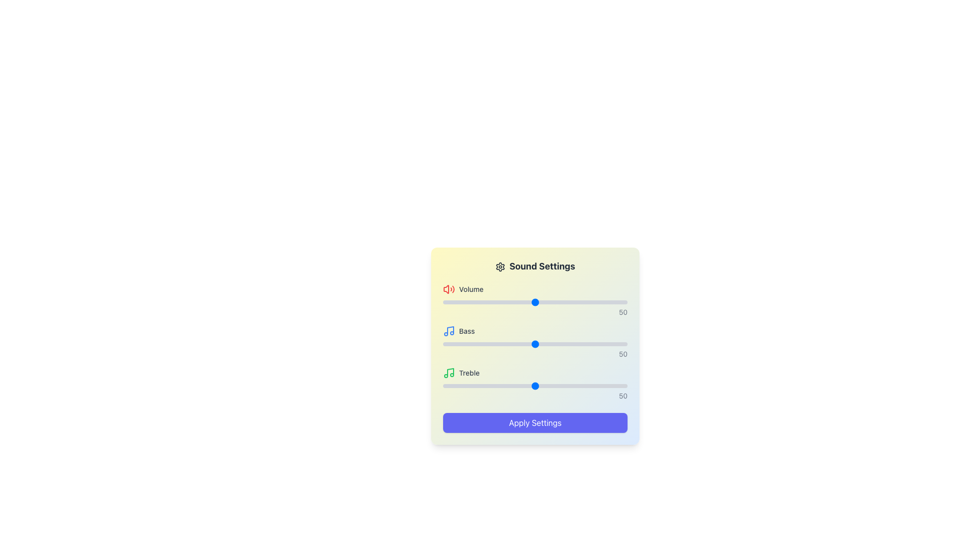 This screenshot has height=538, width=957. Describe the element at coordinates (535, 266) in the screenshot. I see `the title label of the settings section, which is positioned at the top of the UI card containing sliders and an 'Apply Settings' button` at that location.